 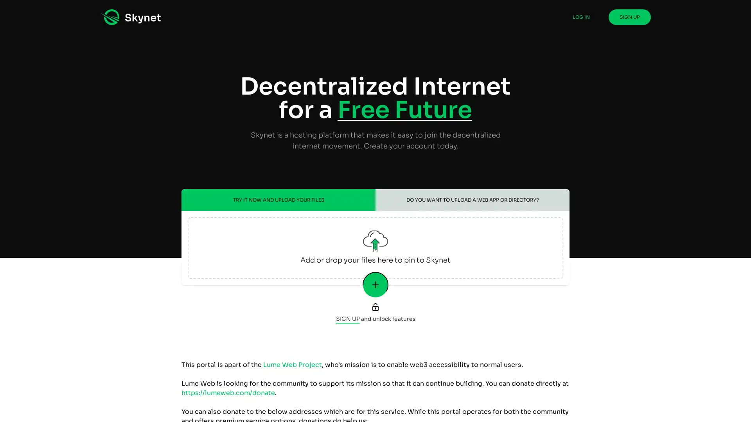 What do you see at coordinates (472, 200) in the screenshot?
I see `DO YOU WANT TO UPLOAD A WEB APP OR DIRECTORY?` at bounding box center [472, 200].